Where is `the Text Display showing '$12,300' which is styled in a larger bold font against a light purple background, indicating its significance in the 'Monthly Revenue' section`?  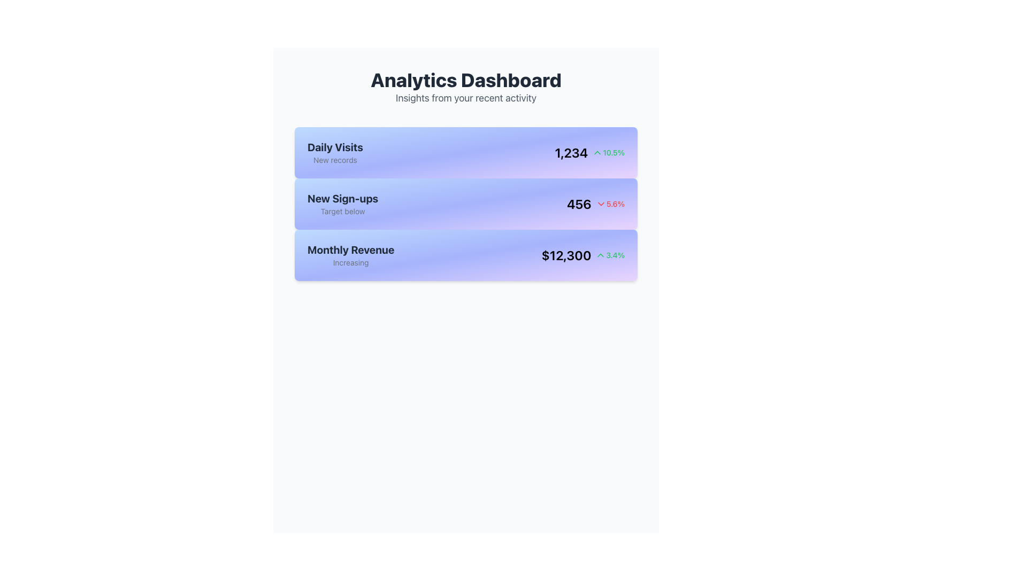 the Text Display showing '$12,300' which is styled in a larger bold font against a light purple background, indicating its significance in the 'Monthly Revenue' section is located at coordinates (565, 255).